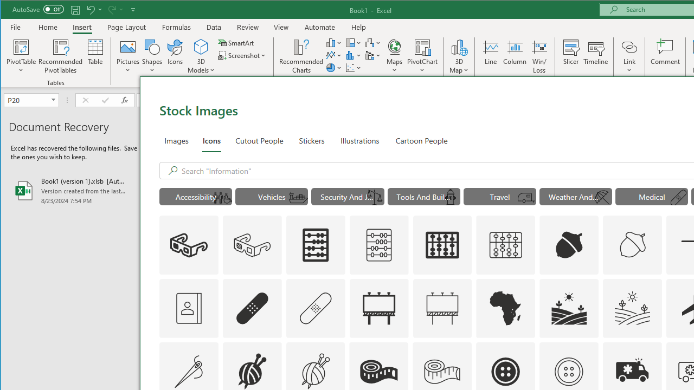 The width and height of the screenshot is (694, 390). Describe the element at coordinates (423, 196) in the screenshot. I see `'"Tools And Building" Icons.'` at that location.